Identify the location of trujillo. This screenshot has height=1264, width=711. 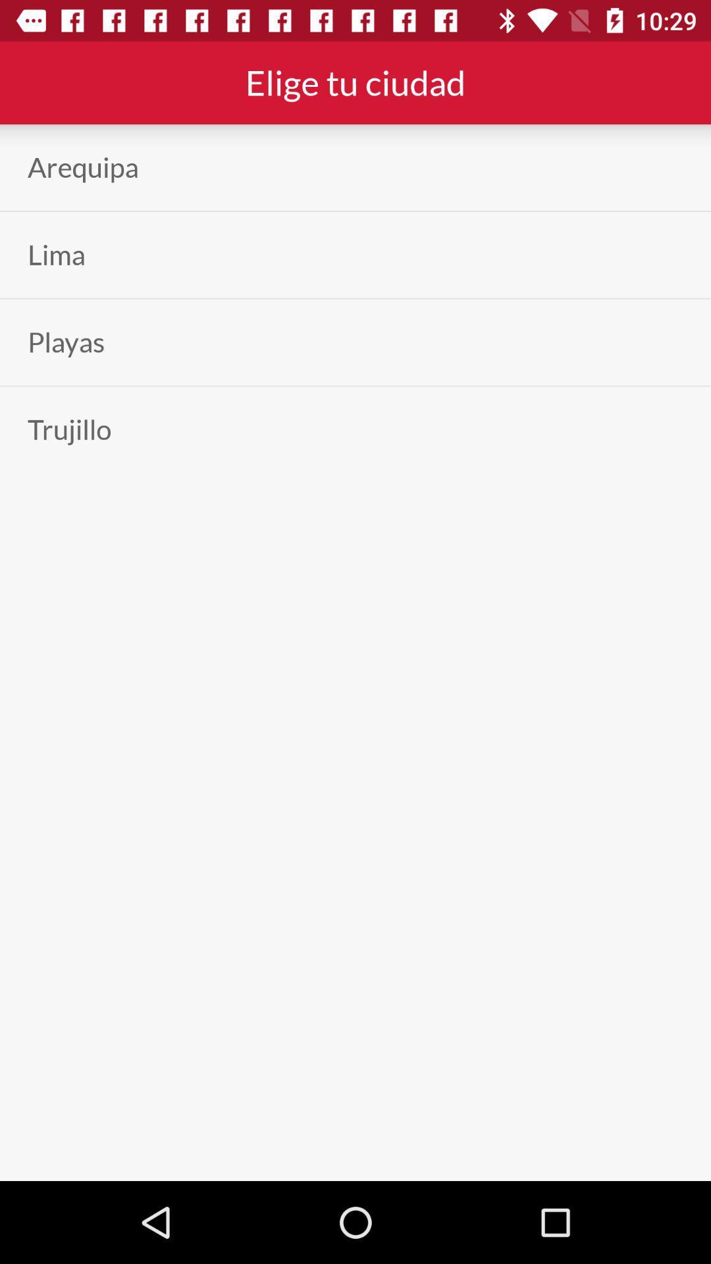
(69, 429).